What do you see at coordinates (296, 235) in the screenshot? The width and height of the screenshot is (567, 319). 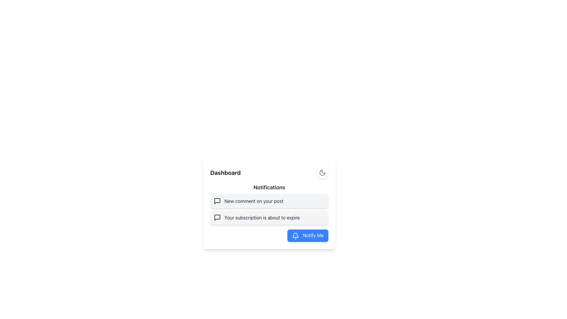 I see `the outlined bell-shaped icon located to the left of the 'Notify Me' text inside a blue rounded button at the bottom-right corner of the card` at bounding box center [296, 235].